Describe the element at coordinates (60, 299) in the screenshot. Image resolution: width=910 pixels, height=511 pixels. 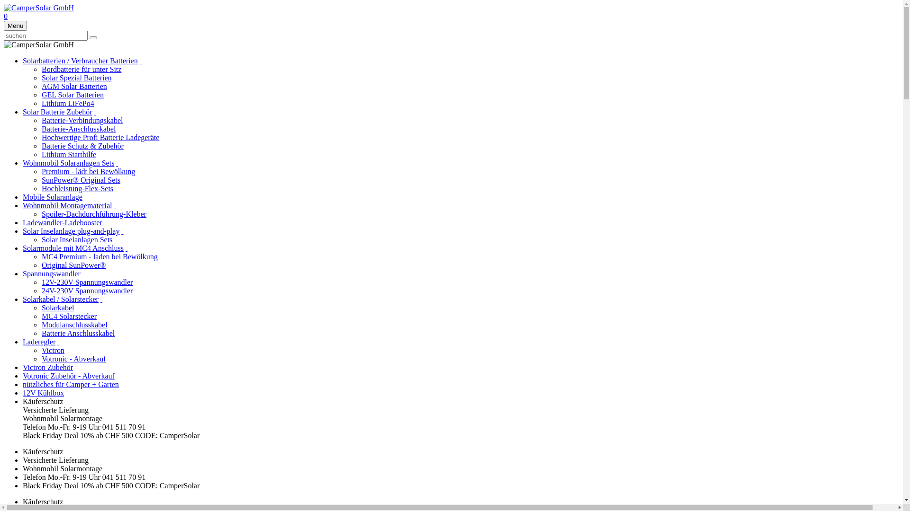
I see `'Solarkabel / Solarstecker'` at that location.